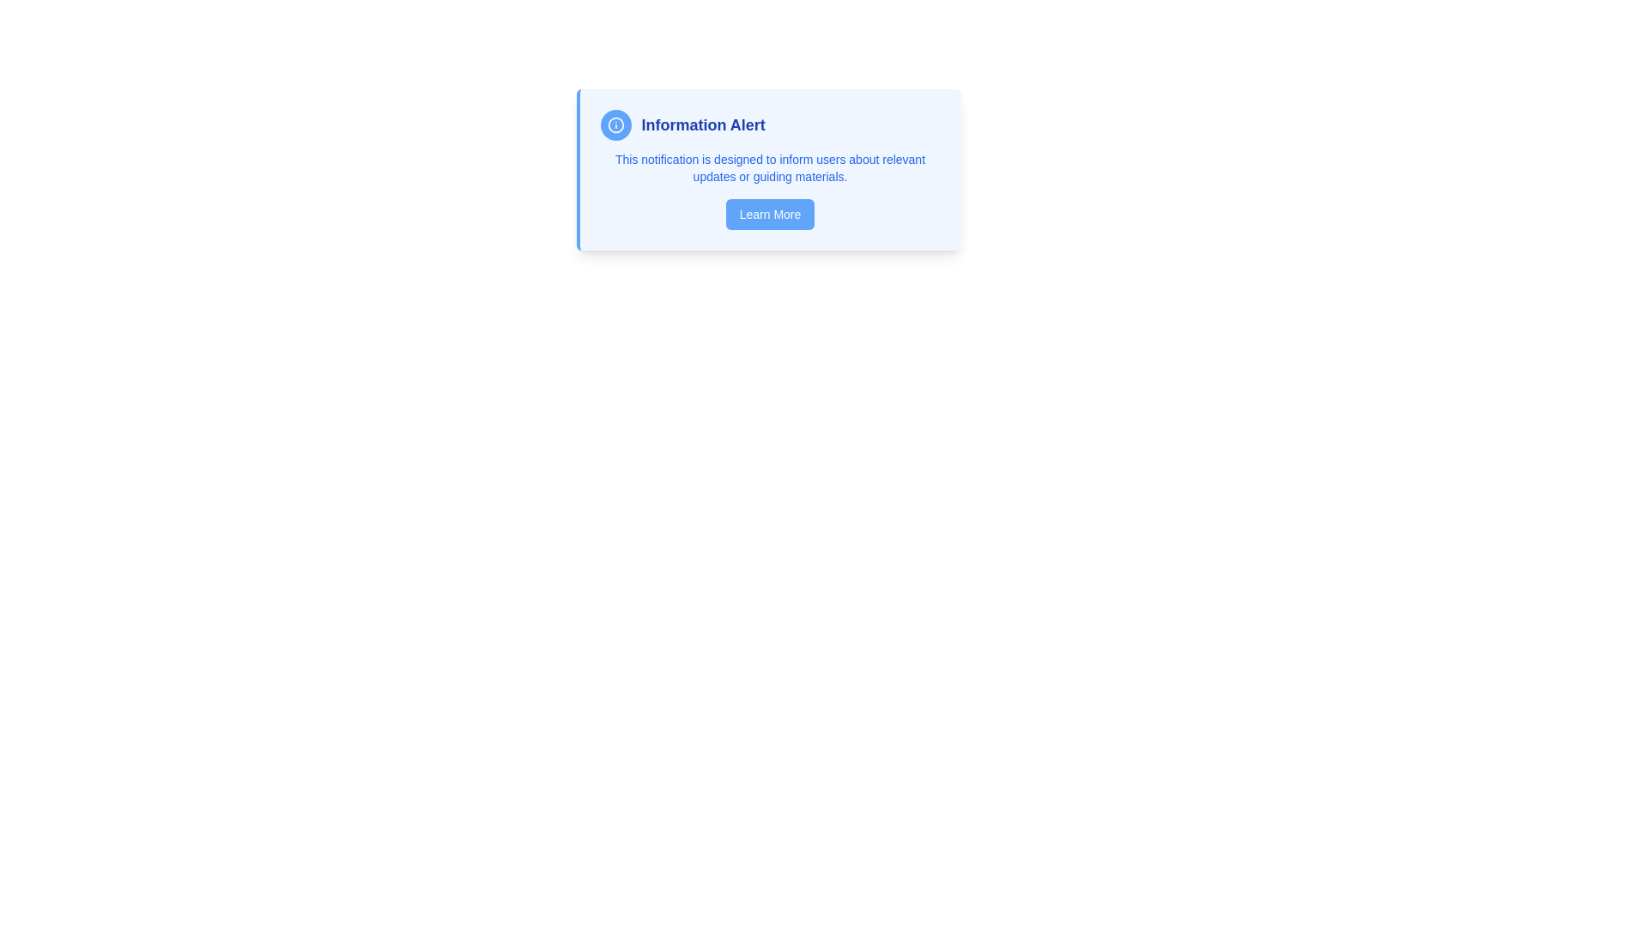 This screenshot has width=1648, height=927. What do you see at coordinates (615, 124) in the screenshot?
I see `the circular blue icon with the white info symbol inside it` at bounding box center [615, 124].